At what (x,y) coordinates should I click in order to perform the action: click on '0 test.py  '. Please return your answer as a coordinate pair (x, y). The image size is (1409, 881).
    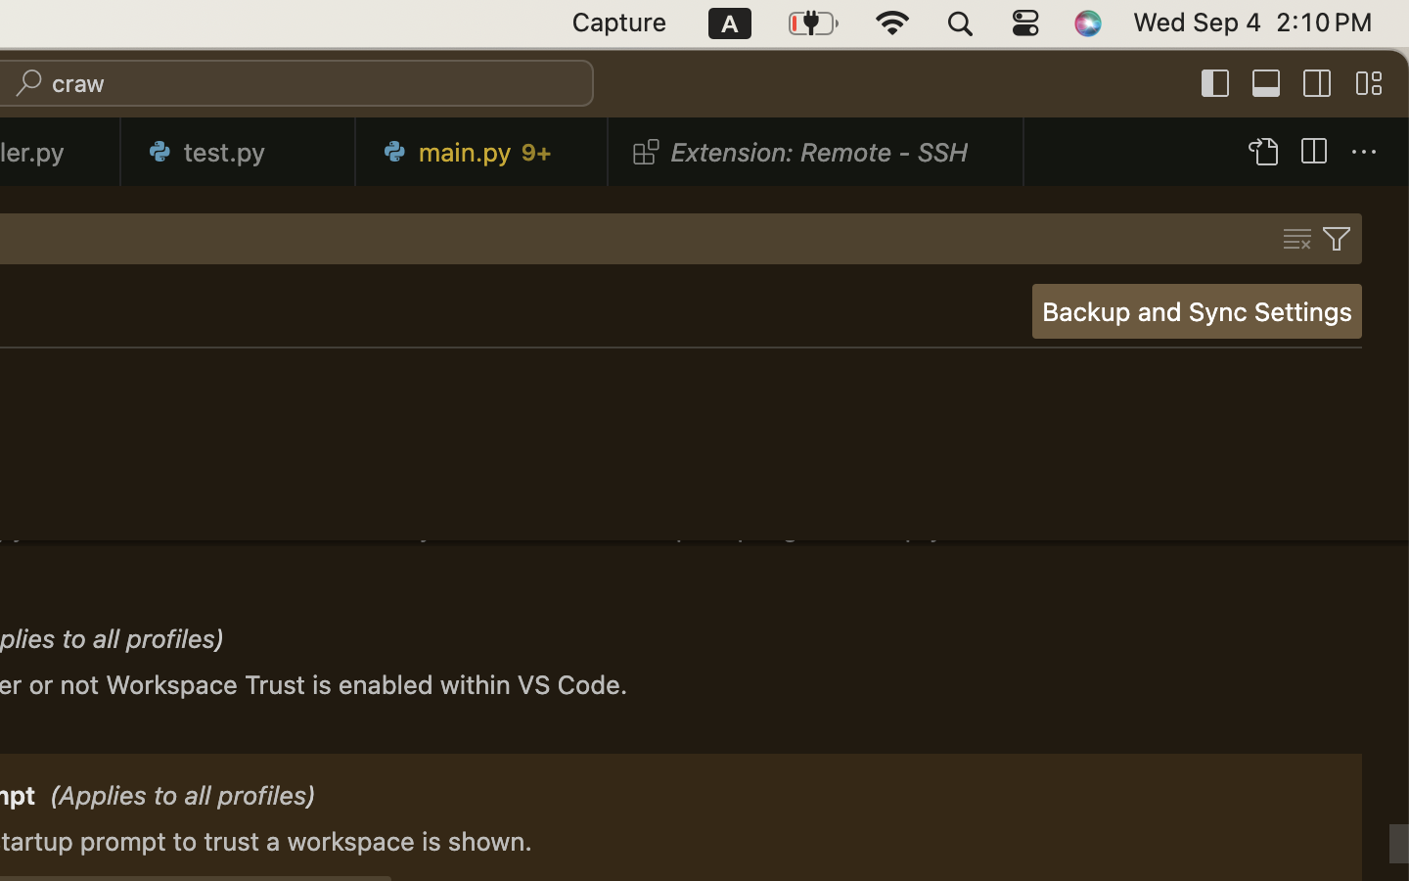
    Looking at the image, I should click on (237, 151).